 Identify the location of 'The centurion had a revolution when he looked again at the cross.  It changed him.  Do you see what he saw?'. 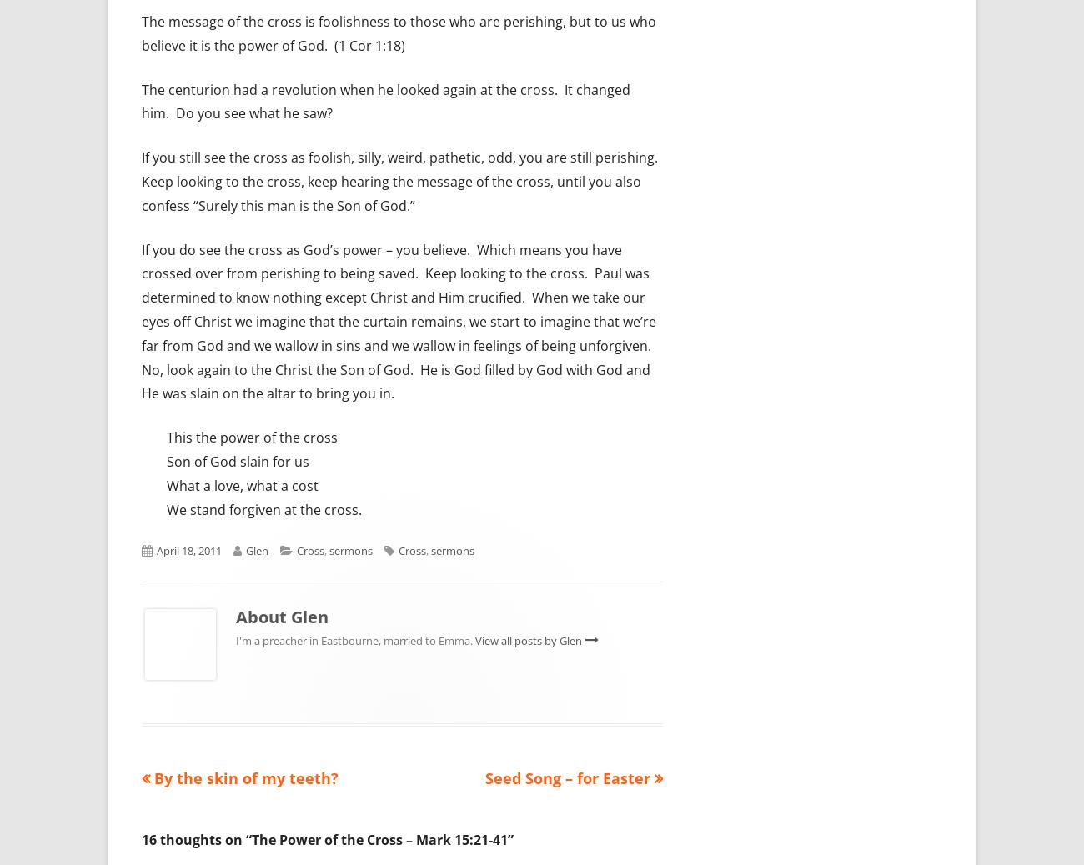
(385, 100).